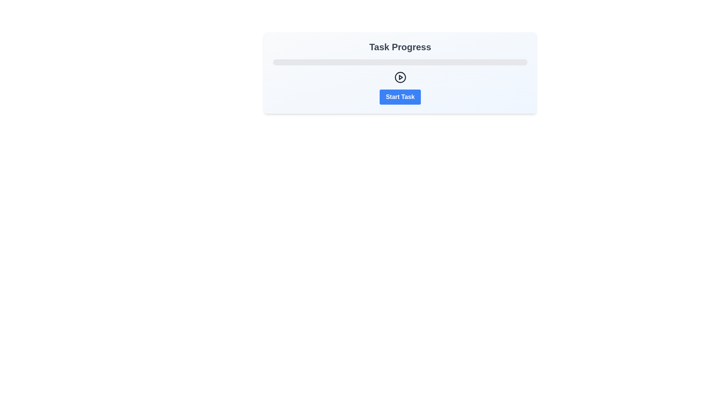 This screenshot has width=726, height=408. I want to click on the horizontal progress bar located beneath the 'Task Progress' title and above the 'Start Task' button, which currently displays no progress, so click(400, 62).